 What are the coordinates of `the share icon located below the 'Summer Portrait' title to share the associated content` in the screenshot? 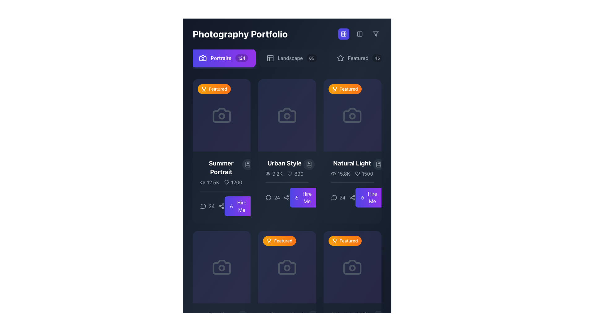 It's located at (222, 203).